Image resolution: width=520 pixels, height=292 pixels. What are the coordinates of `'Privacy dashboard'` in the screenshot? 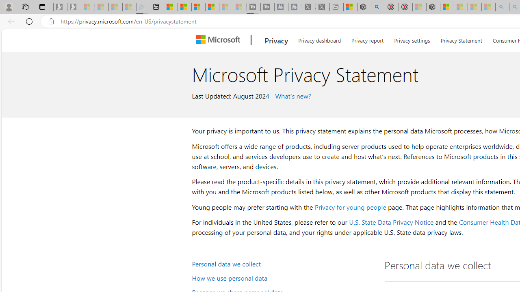 It's located at (319, 39).